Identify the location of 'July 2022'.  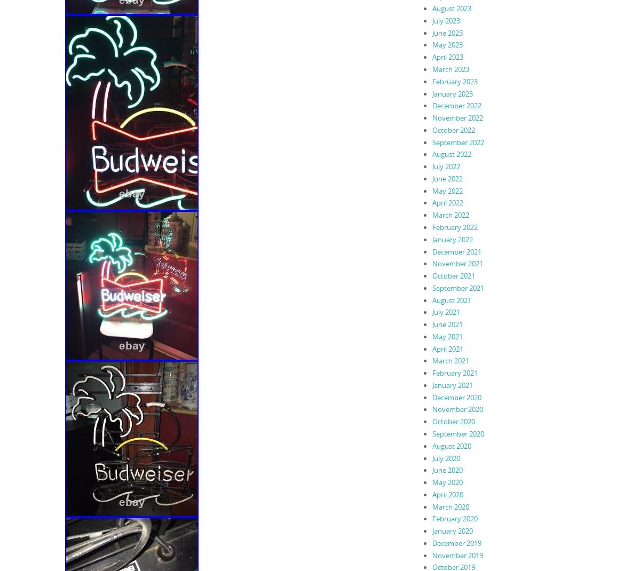
(445, 166).